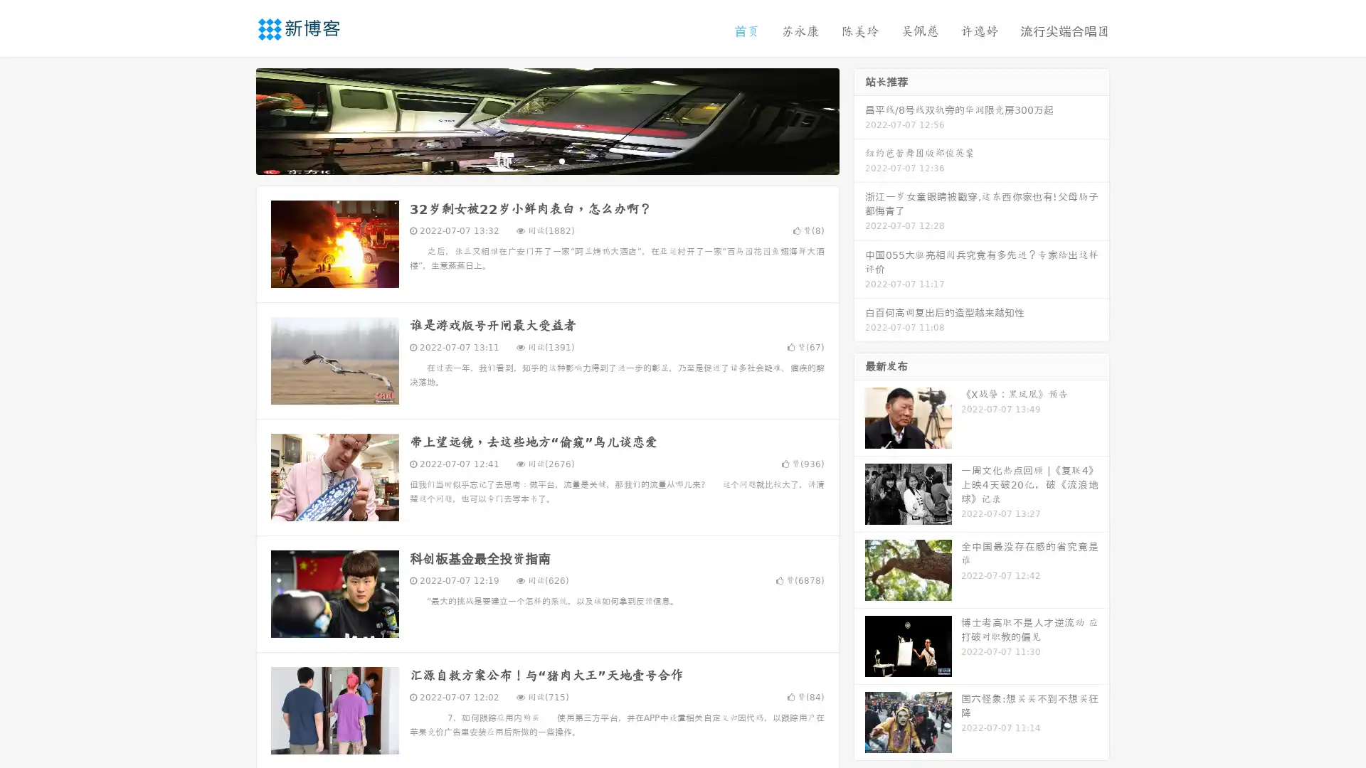 This screenshot has height=768, width=1366. I want to click on Go to slide 1, so click(532, 160).